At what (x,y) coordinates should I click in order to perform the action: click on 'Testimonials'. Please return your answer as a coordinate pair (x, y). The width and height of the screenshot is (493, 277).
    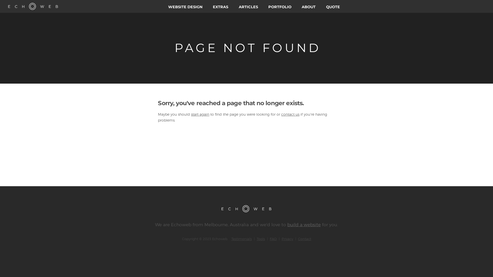
    Looking at the image, I should click on (241, 239).